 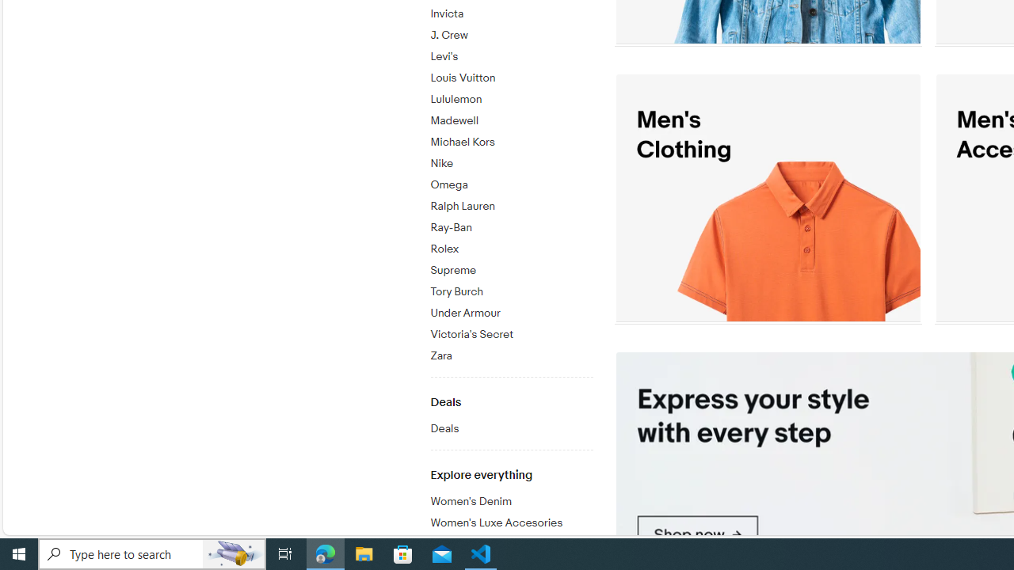 I want to click on 'Victoria', so click(x=511, y=331).